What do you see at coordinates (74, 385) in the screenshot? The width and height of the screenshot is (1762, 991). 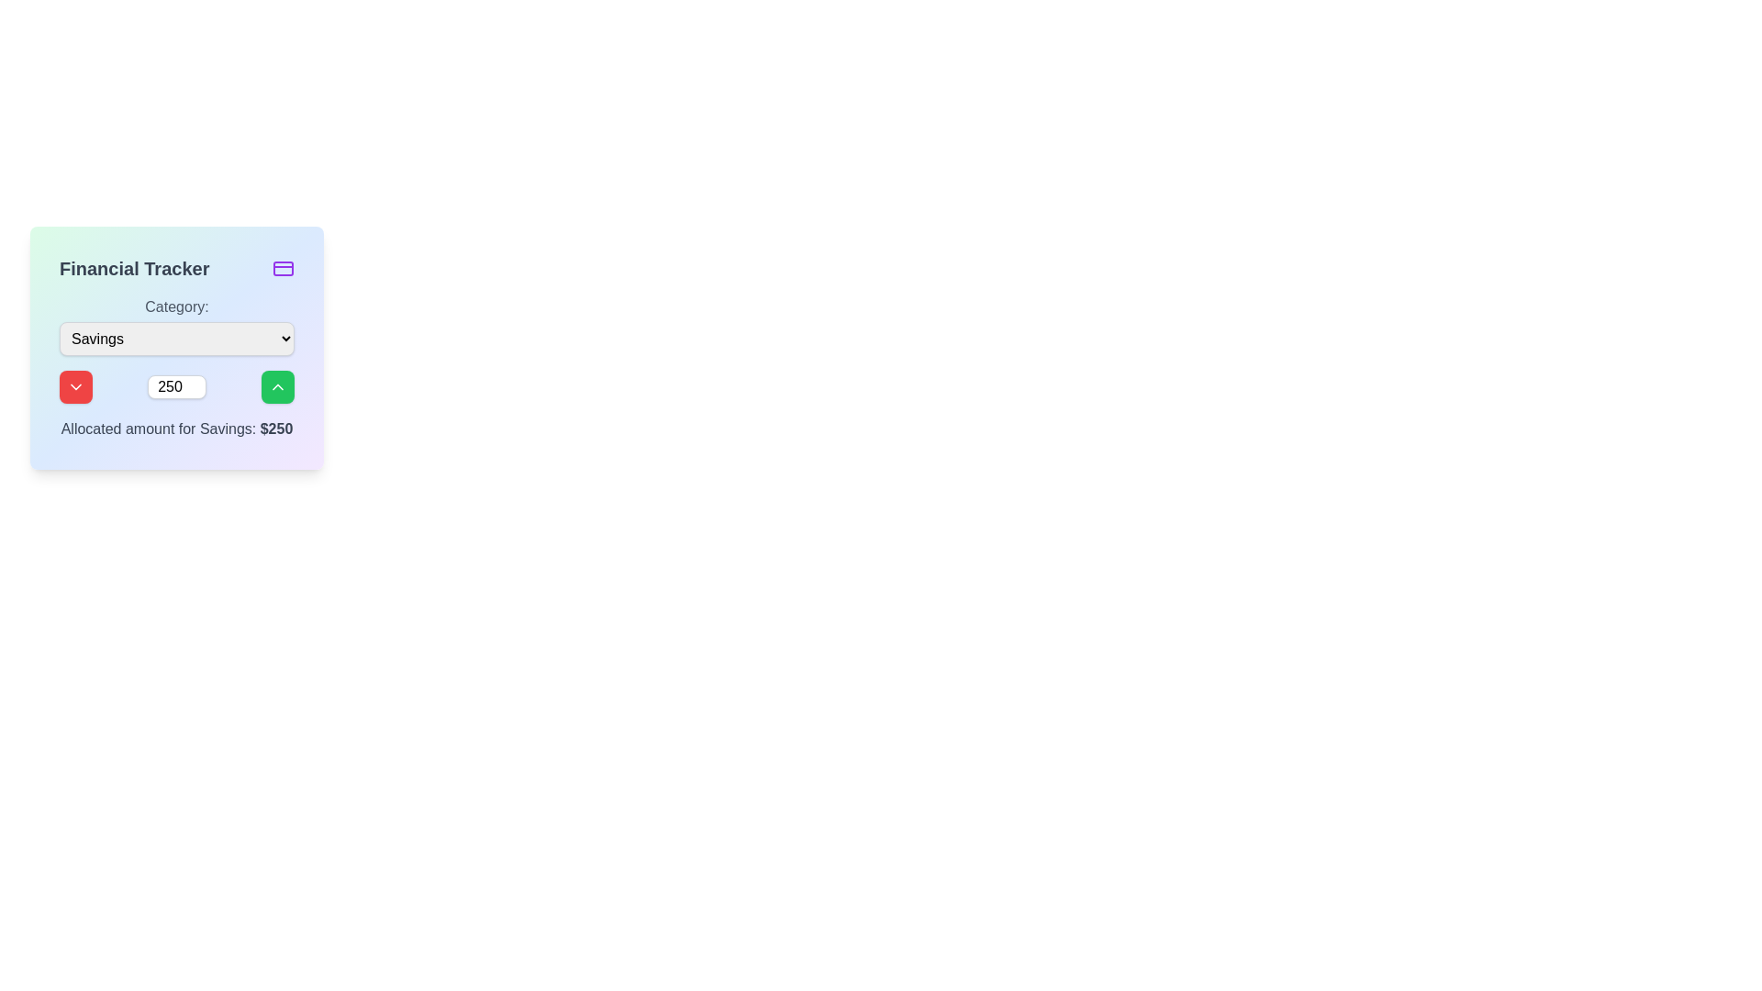 I see `the decrement chevron icon button located in a red circular button to reduce the numeric value displayed in the adjacent input field` at bounding box center [74, 385].